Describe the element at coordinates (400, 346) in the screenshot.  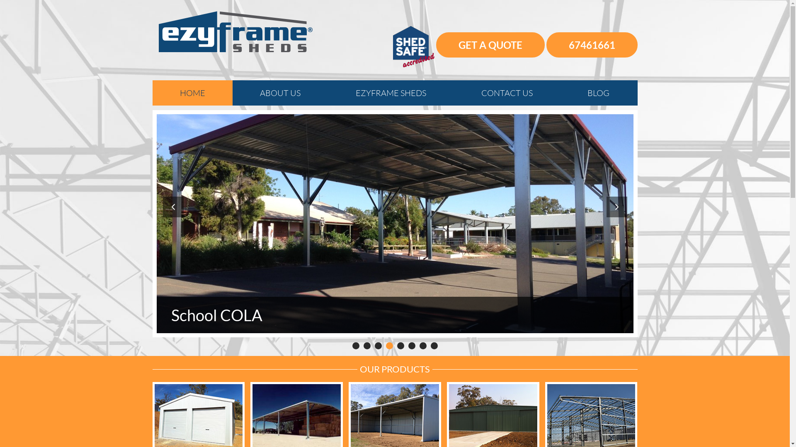
I see `'5'` at that location.